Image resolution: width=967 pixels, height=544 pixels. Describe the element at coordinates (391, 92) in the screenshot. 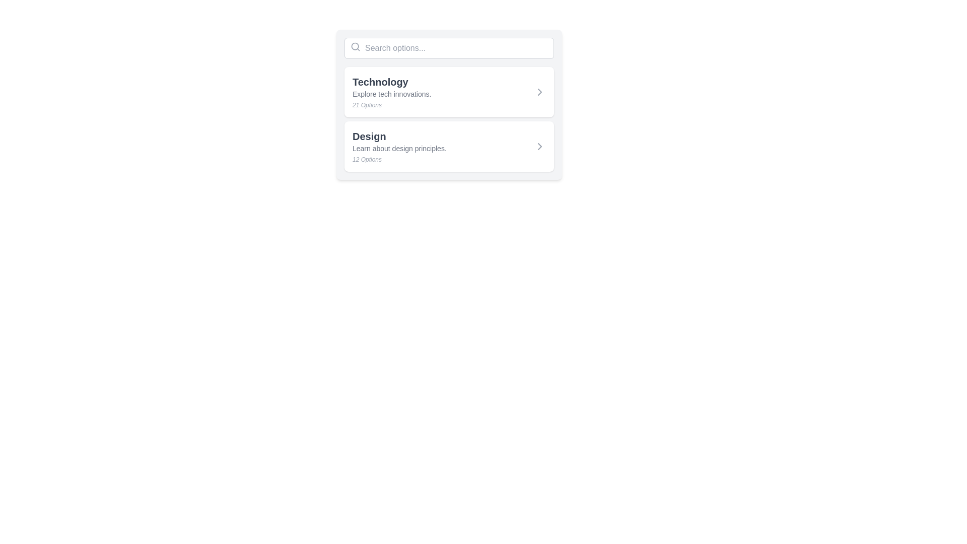

I see `text group including the title 'Technology', the description 'Explore tech innovations.', and the note '21 Options', which is the first item in a vertically arranged list below the search bar` at that location.